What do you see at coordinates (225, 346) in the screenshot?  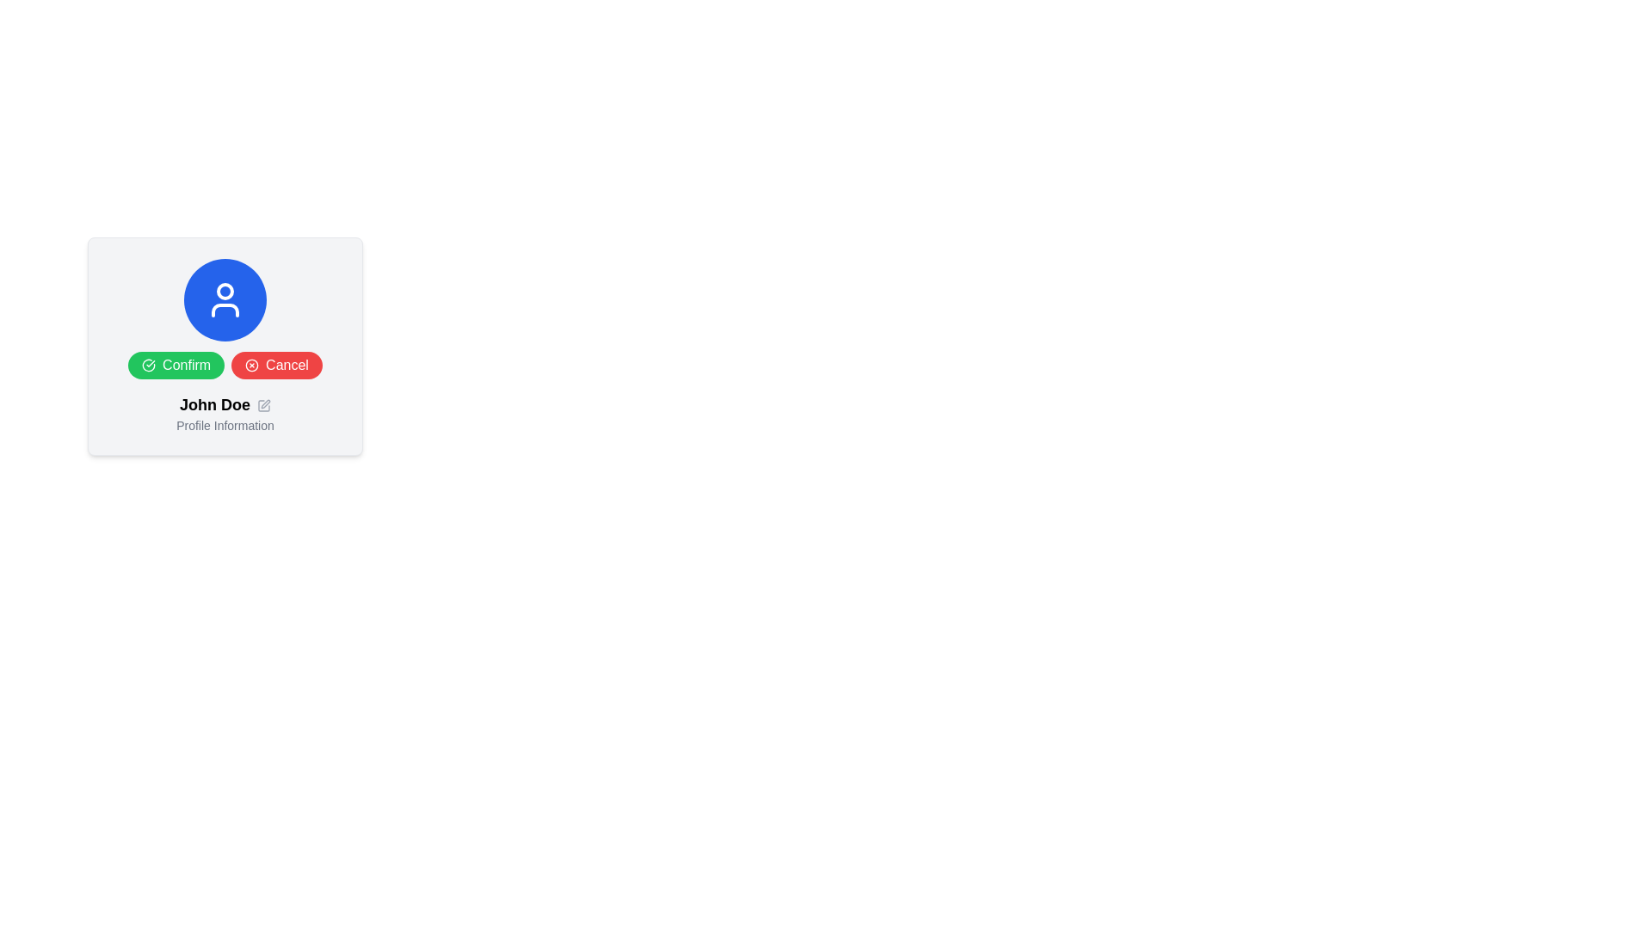 I see `the Confirm button in the Interactive user profile panel to proceed with the action` at bounding box center [225, 346].